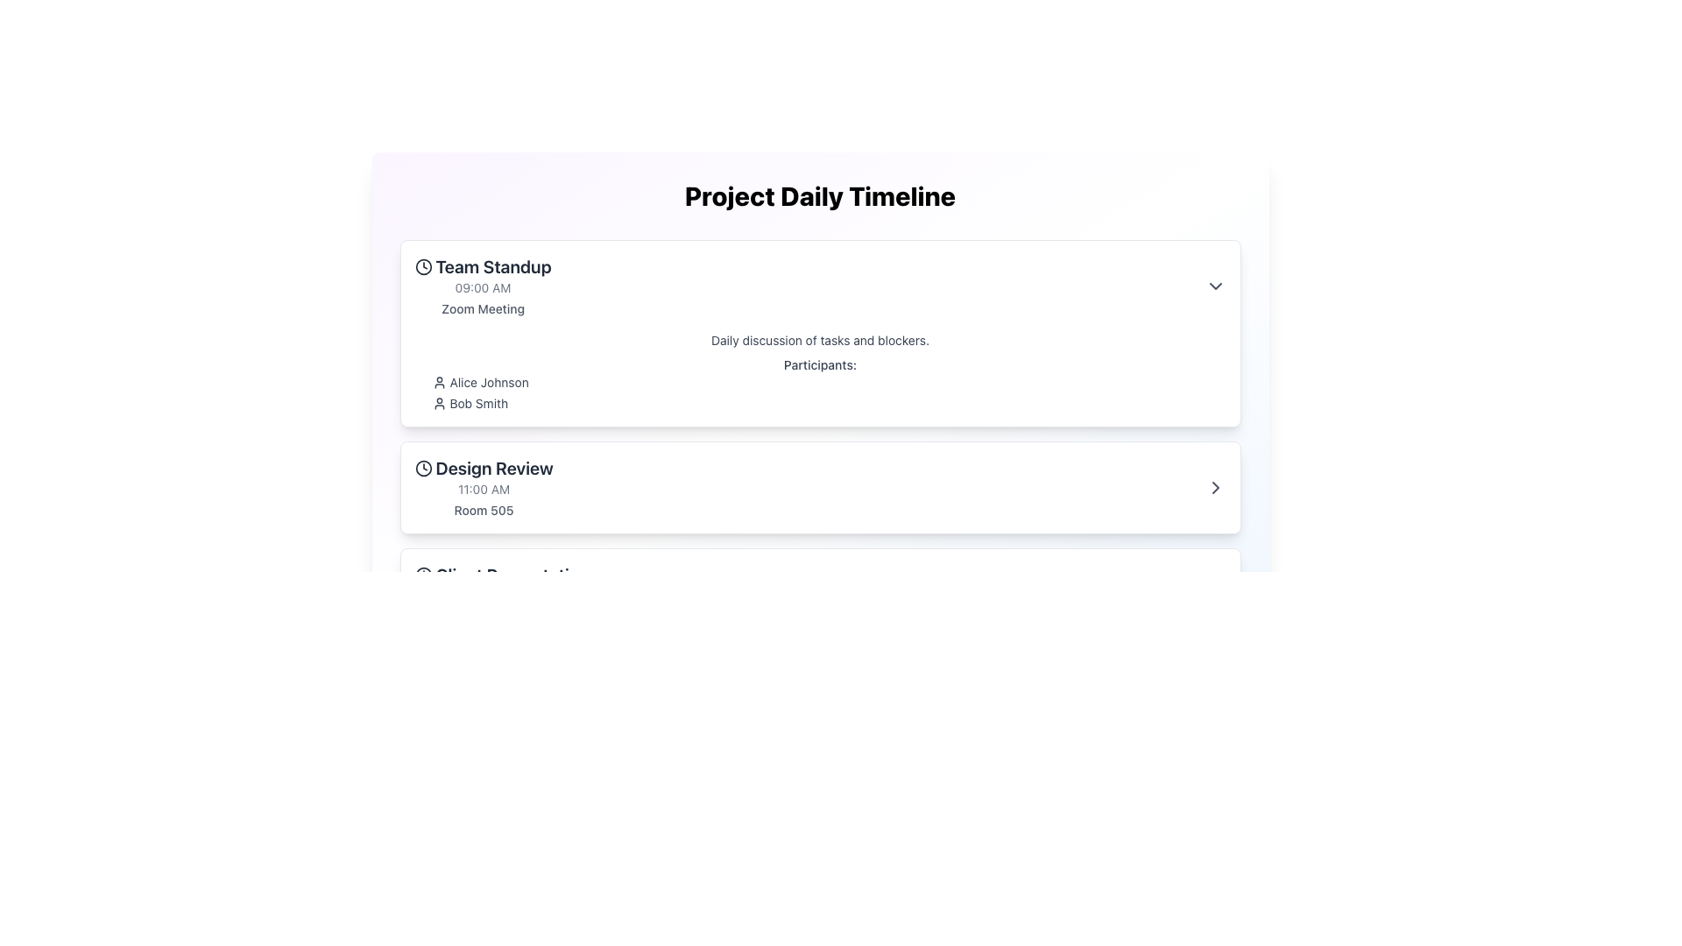 This screenshot has width=1682, height=946. What do you see at coordinates (439, 381) in the screenshot?
I see `the user icon representing 'Alice Johnson' located to the left of the text within the 'Team Standup' card` at bounding box center [439, 381].